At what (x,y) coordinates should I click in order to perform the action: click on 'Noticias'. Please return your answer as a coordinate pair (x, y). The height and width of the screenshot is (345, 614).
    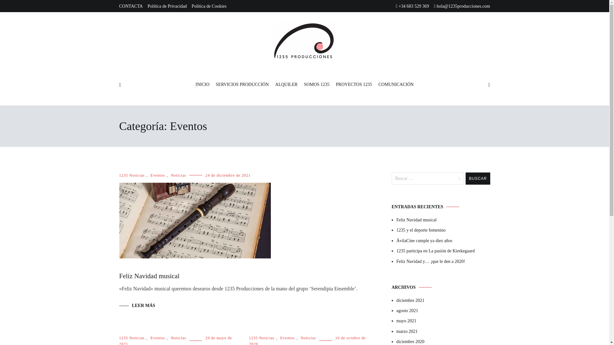
    Looking at the image, I should click on (308, 337).